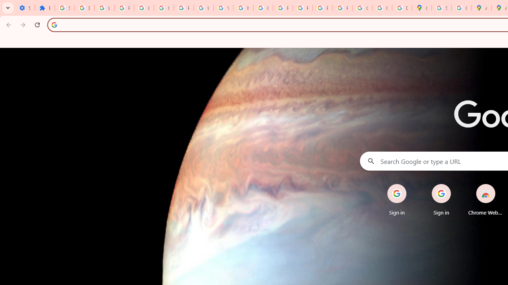 Image resolution: width=508 pixels, height=285 pixels. Describe the element at coordinates (8, 24) in the screenshot. I see `'Back'` at that location.